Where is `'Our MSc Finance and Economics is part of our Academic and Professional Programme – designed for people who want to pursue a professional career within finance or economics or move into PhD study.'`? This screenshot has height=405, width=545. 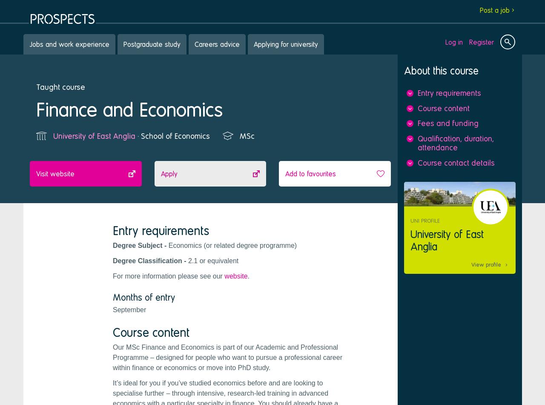
'Our MSc Finance and Economics is part of our Academic and Professional Programme – designed for people who want to pursue a professional career within finance or economics or move into PhD study.' is located at coordinates (112, 356).